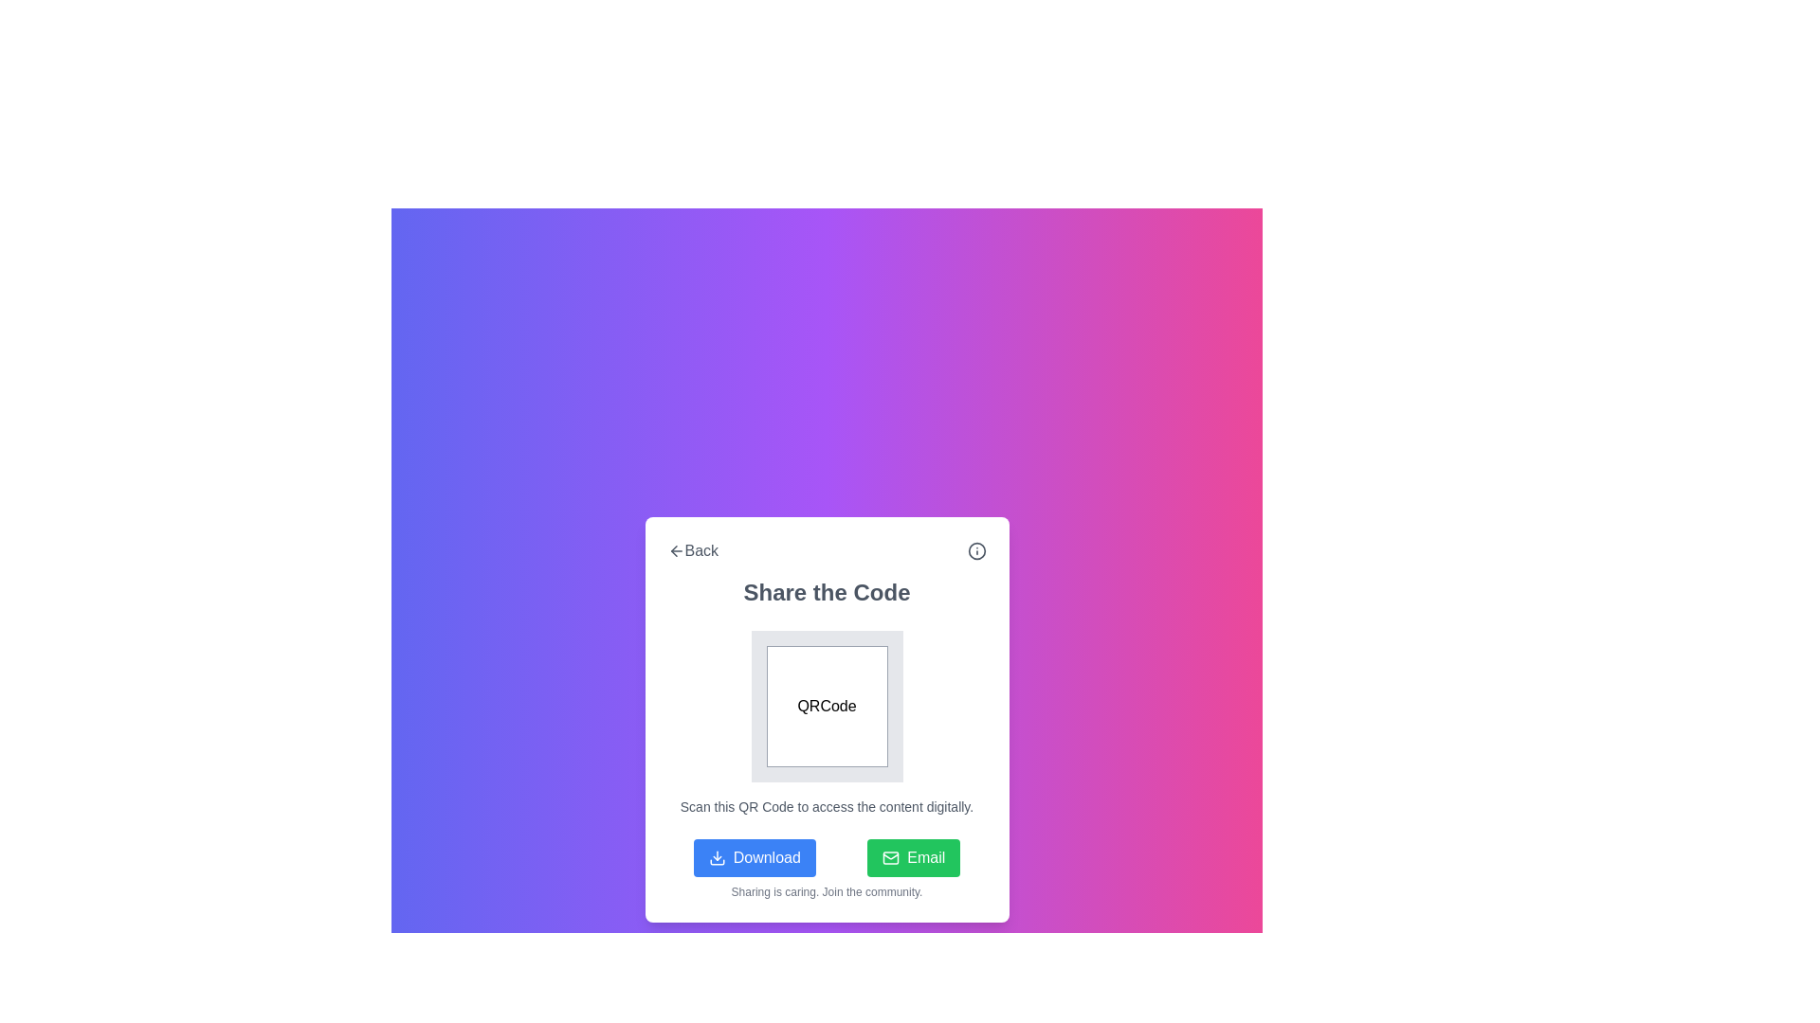 This screenshot has width=1820, height=1023. What do you see at coordinates (890, 858) in the screenshot?
I see `the envelope icon embedded in the green 'Email' button` at bounding box center [890, 858].